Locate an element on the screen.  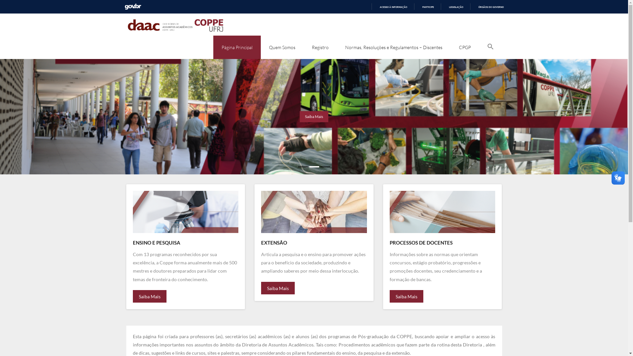
'Registro' is located at coordinates (303, 47).